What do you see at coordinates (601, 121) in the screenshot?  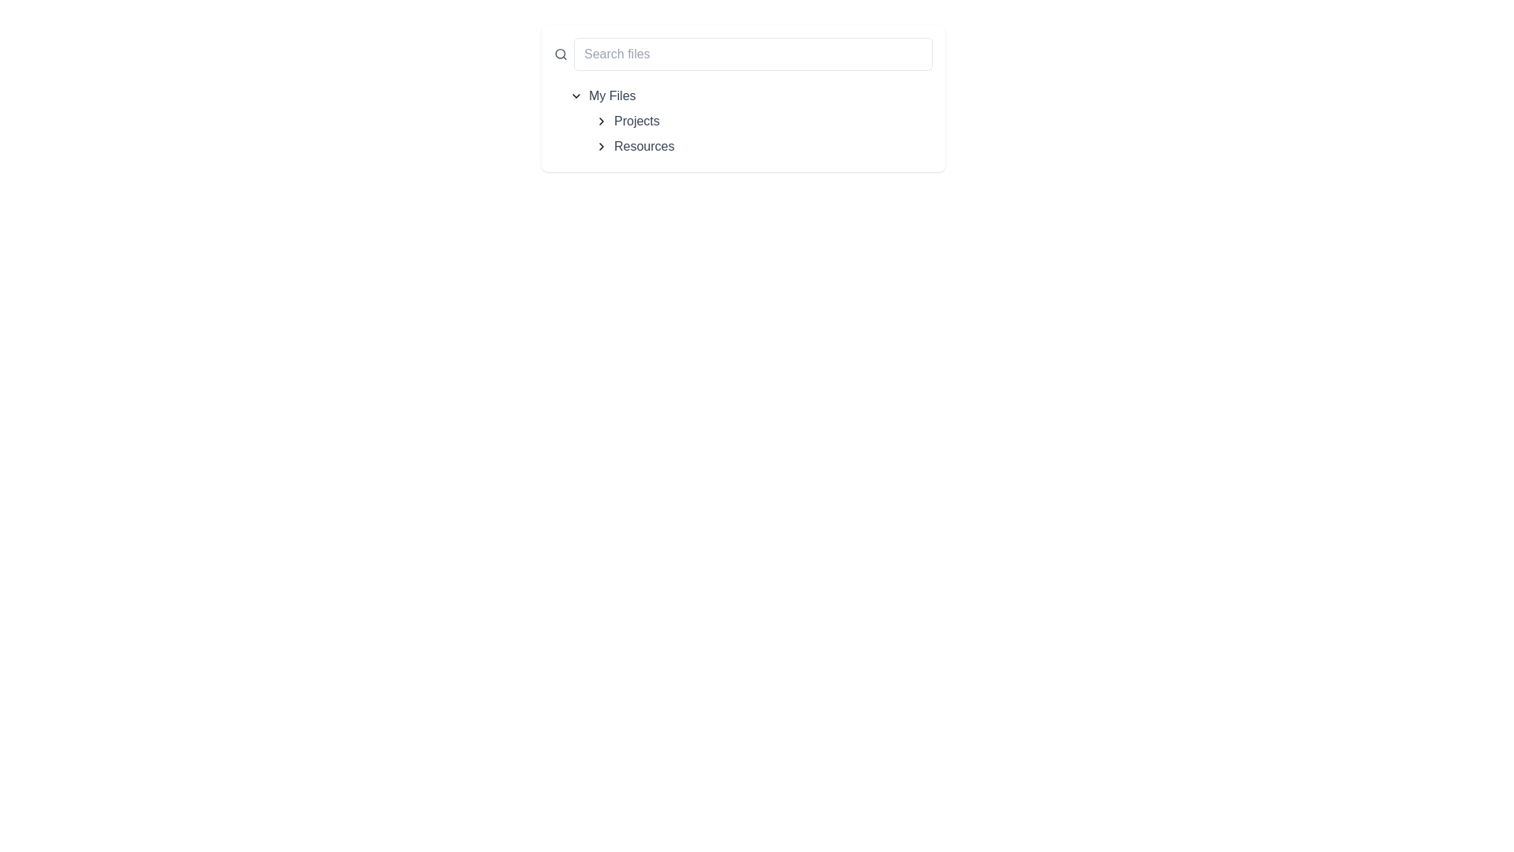 I see `the chevron right icon` at bounding box center [601, 121].